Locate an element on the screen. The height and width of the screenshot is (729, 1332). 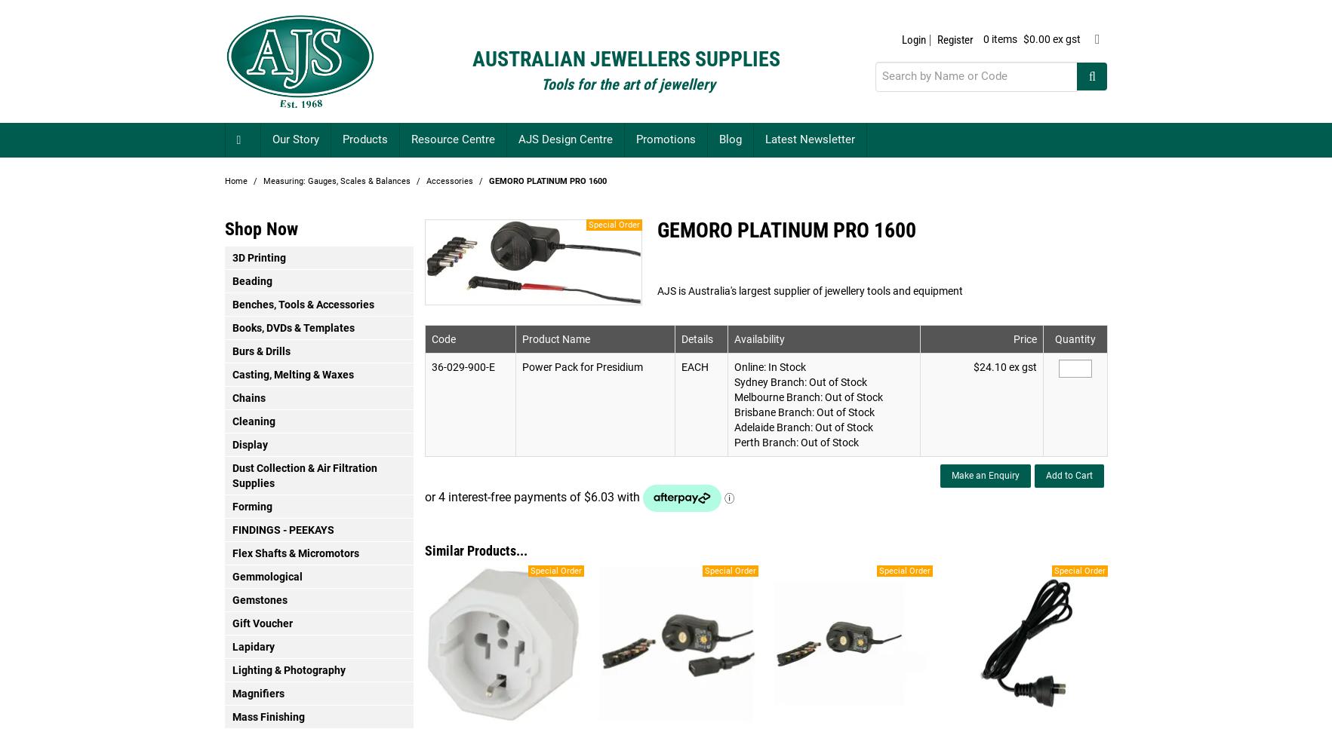
'Forming' is located at coordinates (230, 506).